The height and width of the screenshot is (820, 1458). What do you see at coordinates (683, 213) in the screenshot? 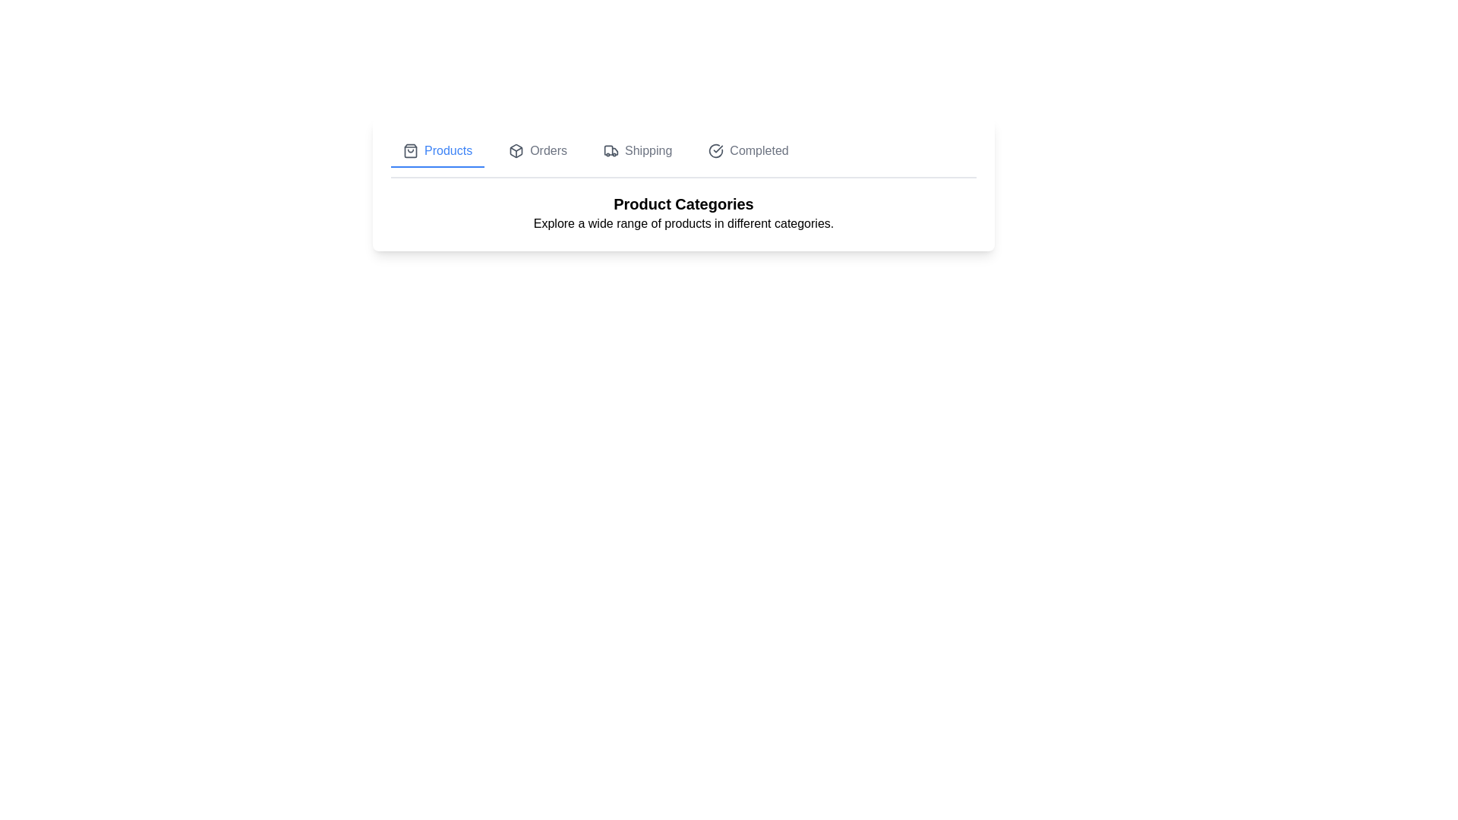
I see `the text block featuring the bolded title 'Product Categories' and the descriptive section 'Explore a wide range of products in different categories.'` at bounding box center [683, 213].